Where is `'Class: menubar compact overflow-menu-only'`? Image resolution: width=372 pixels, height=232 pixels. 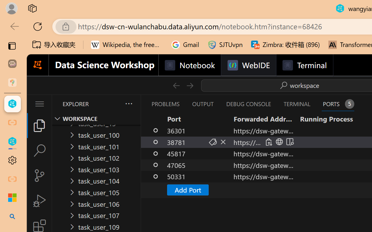 'Class: menubar compact overflow-menu-only' is located at coordinates (39, 104).